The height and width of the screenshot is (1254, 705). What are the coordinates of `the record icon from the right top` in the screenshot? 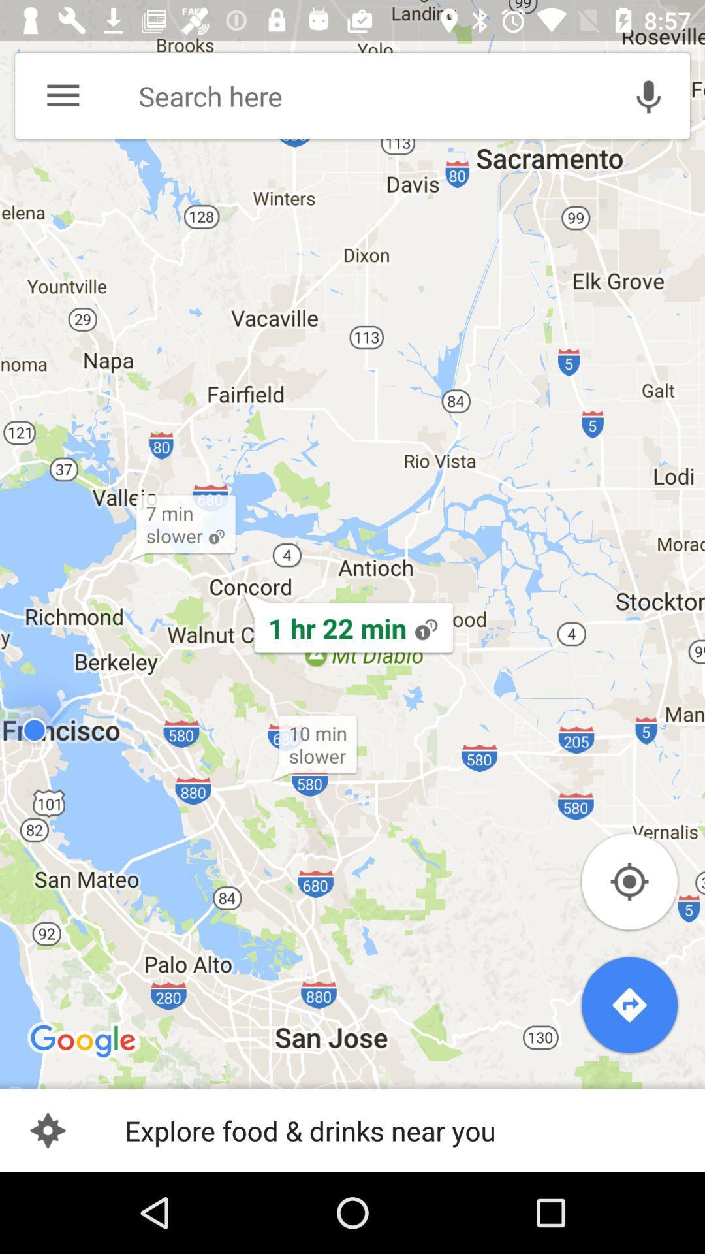 It's located at (649, 95).